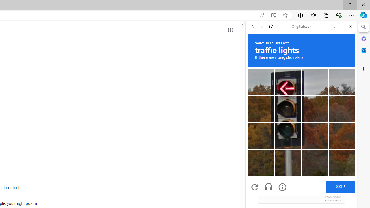 The width and height of the screenshot is (370, 208). Describe the element at coordinates (301, 129) in the screenshot. I see `'Register Now'` at that location.